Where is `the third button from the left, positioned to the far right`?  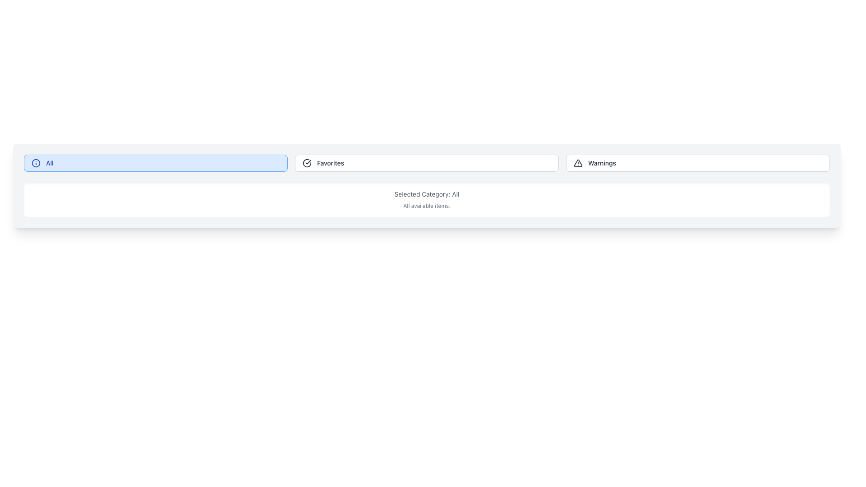 the third button from the left, positioned to the far right is located at coordinates (697, 163).